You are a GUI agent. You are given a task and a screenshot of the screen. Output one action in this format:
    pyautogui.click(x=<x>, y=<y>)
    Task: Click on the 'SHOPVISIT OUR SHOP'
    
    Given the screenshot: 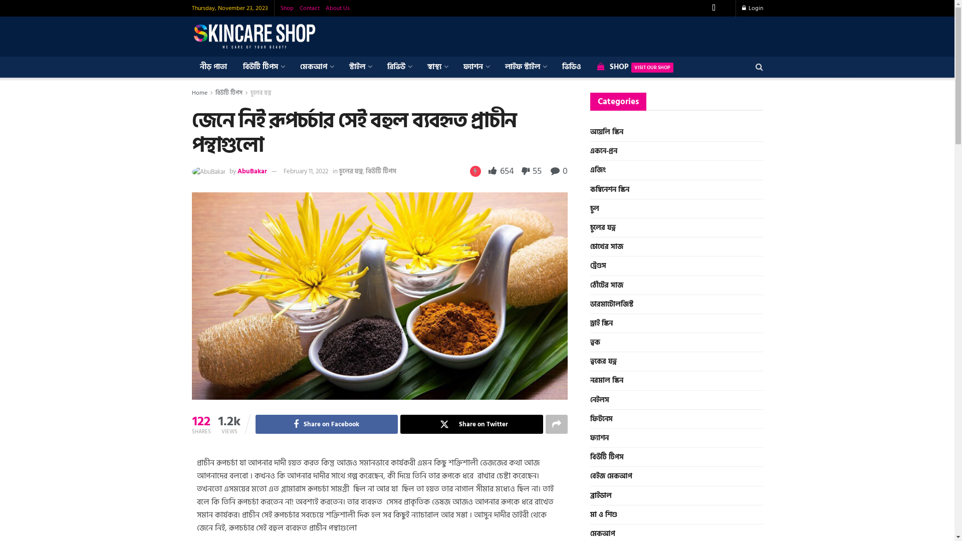 What is the action you would take?
    pyautogui.click(x=634, y=67)
    